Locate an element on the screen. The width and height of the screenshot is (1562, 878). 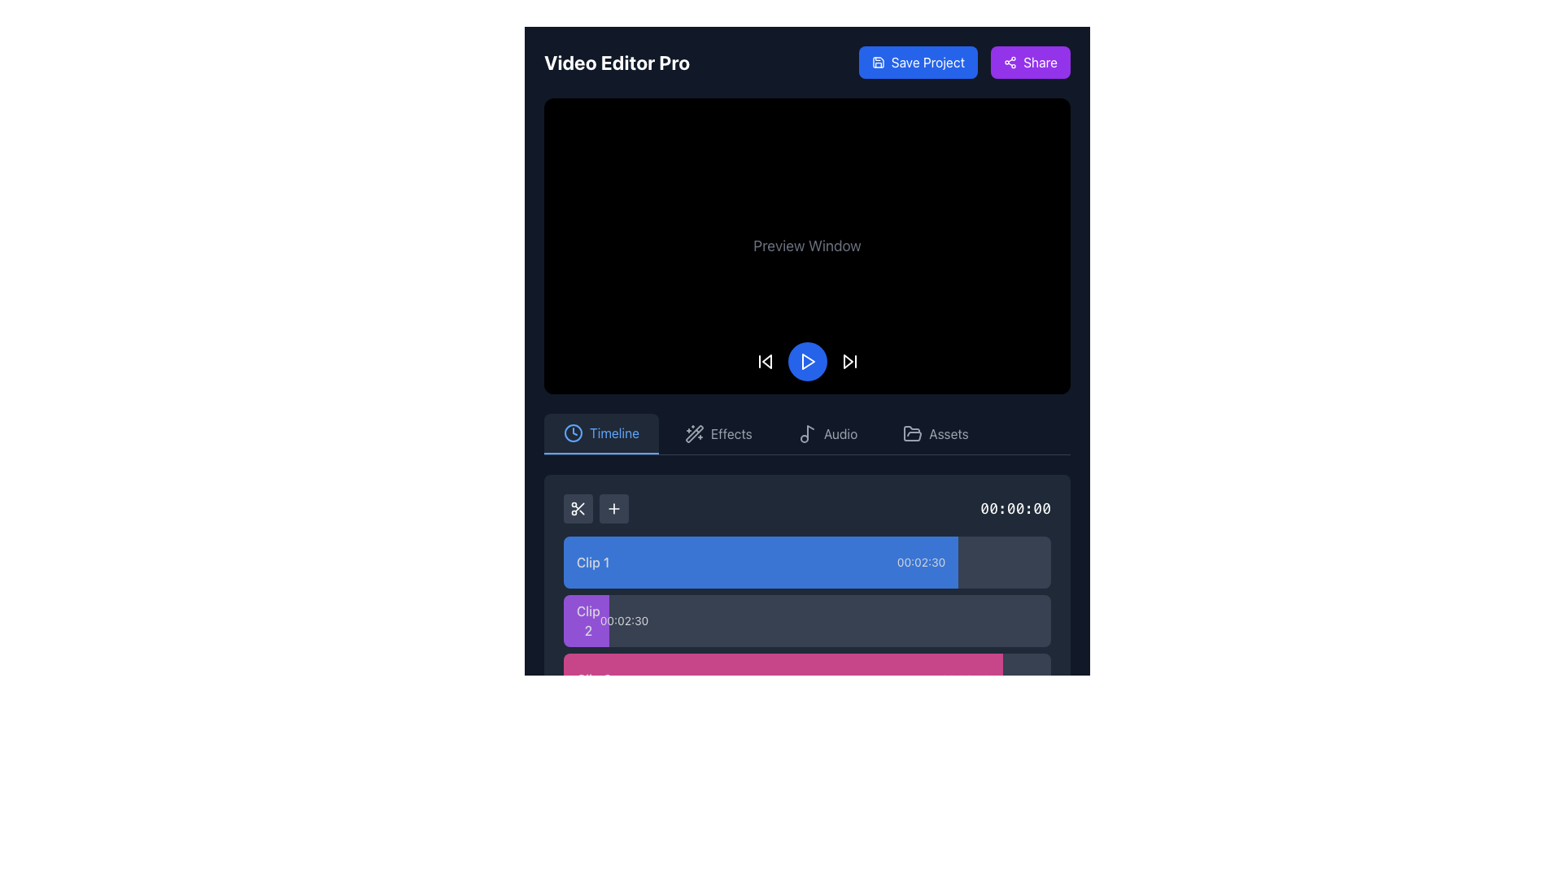
the visual progress of the timeline clip represented by the progress bar, which is the first entry in the list of clip elements in the video editing interface is located at coordinates (807, 561).